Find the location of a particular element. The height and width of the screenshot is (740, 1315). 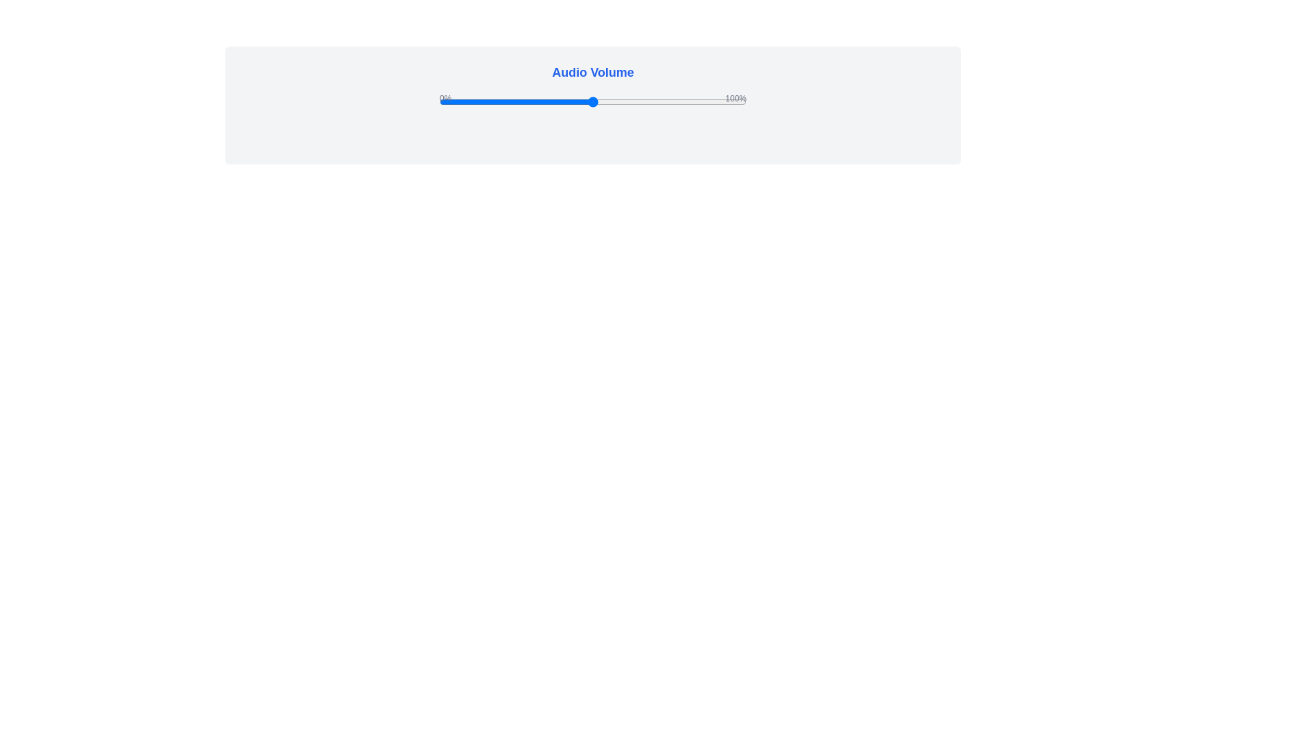

text content of the static label displaying '100%' which is styled with a small font size and gray color, located at the far-right of the slider control is located at coordinates (735, 97).